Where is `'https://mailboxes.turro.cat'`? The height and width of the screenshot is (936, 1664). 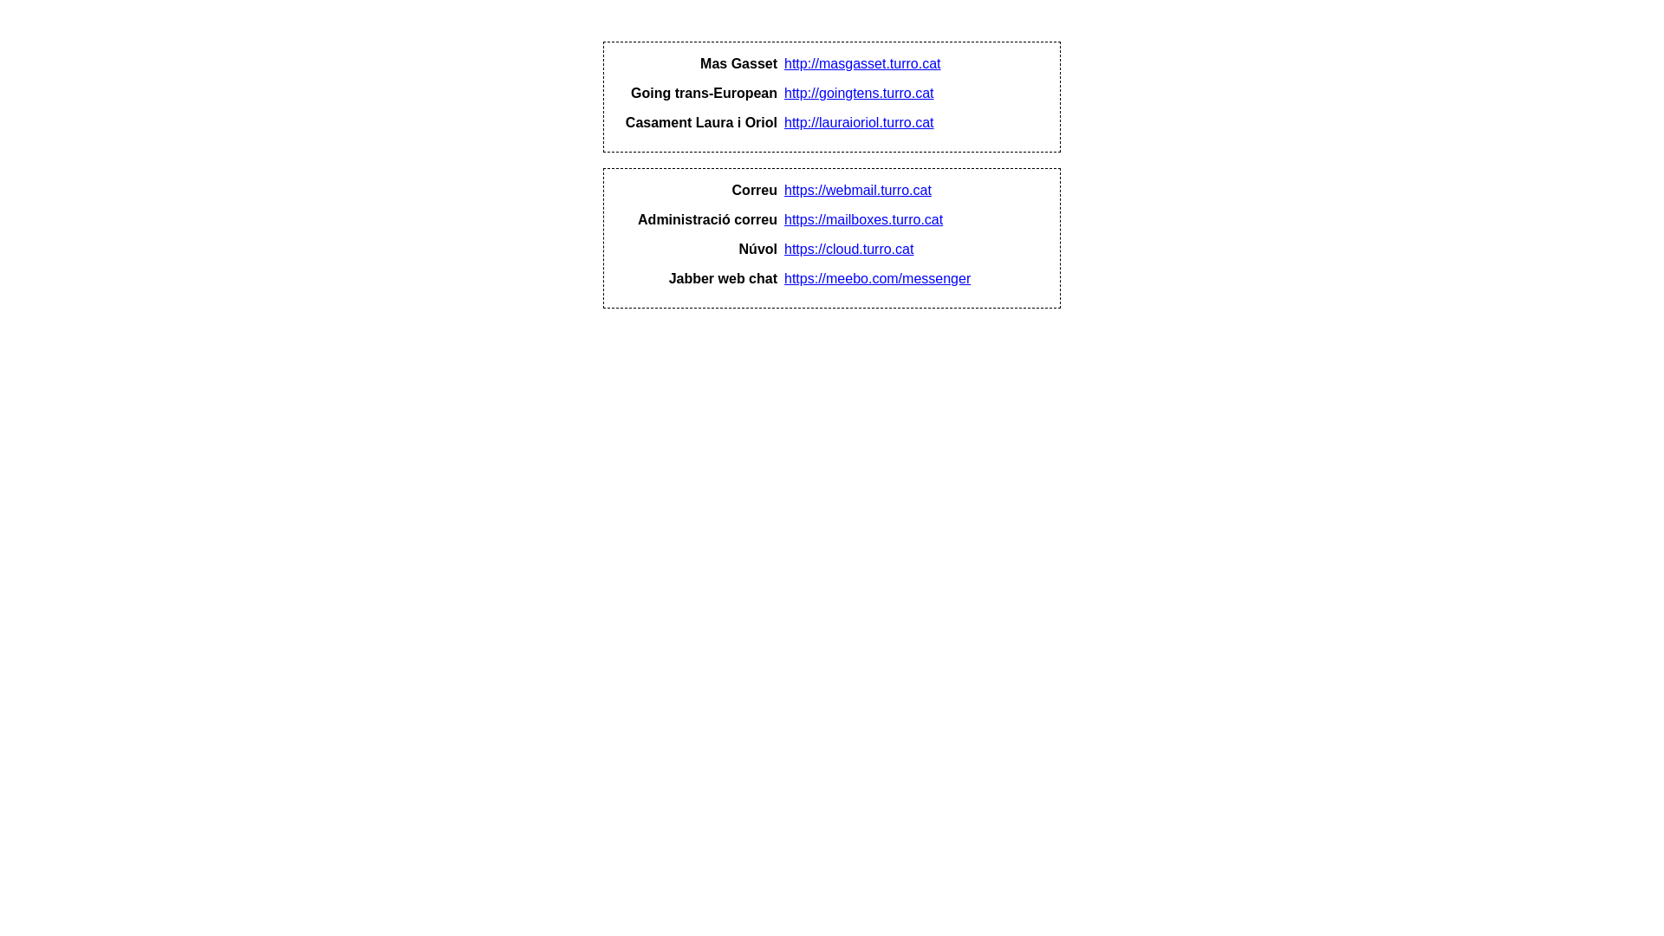
'https://mailboxes.turro.cat' is located at coordinates (863, 218).